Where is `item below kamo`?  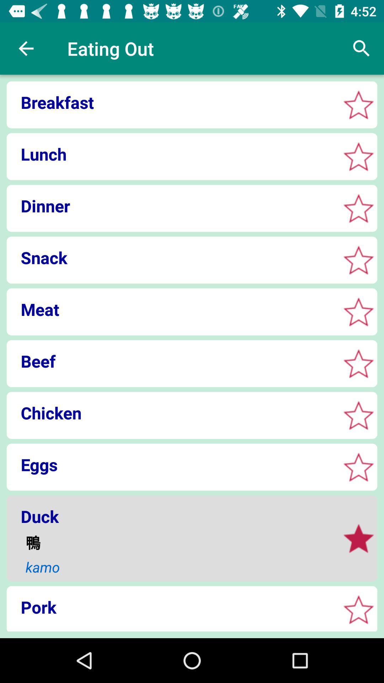
item below kamo is located at coordinates (171, 607).